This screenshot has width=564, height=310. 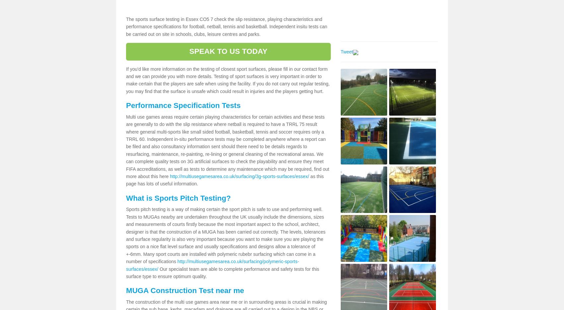 I want to click on 'MUGA Construction Test near me', so click(x=184, y=290).